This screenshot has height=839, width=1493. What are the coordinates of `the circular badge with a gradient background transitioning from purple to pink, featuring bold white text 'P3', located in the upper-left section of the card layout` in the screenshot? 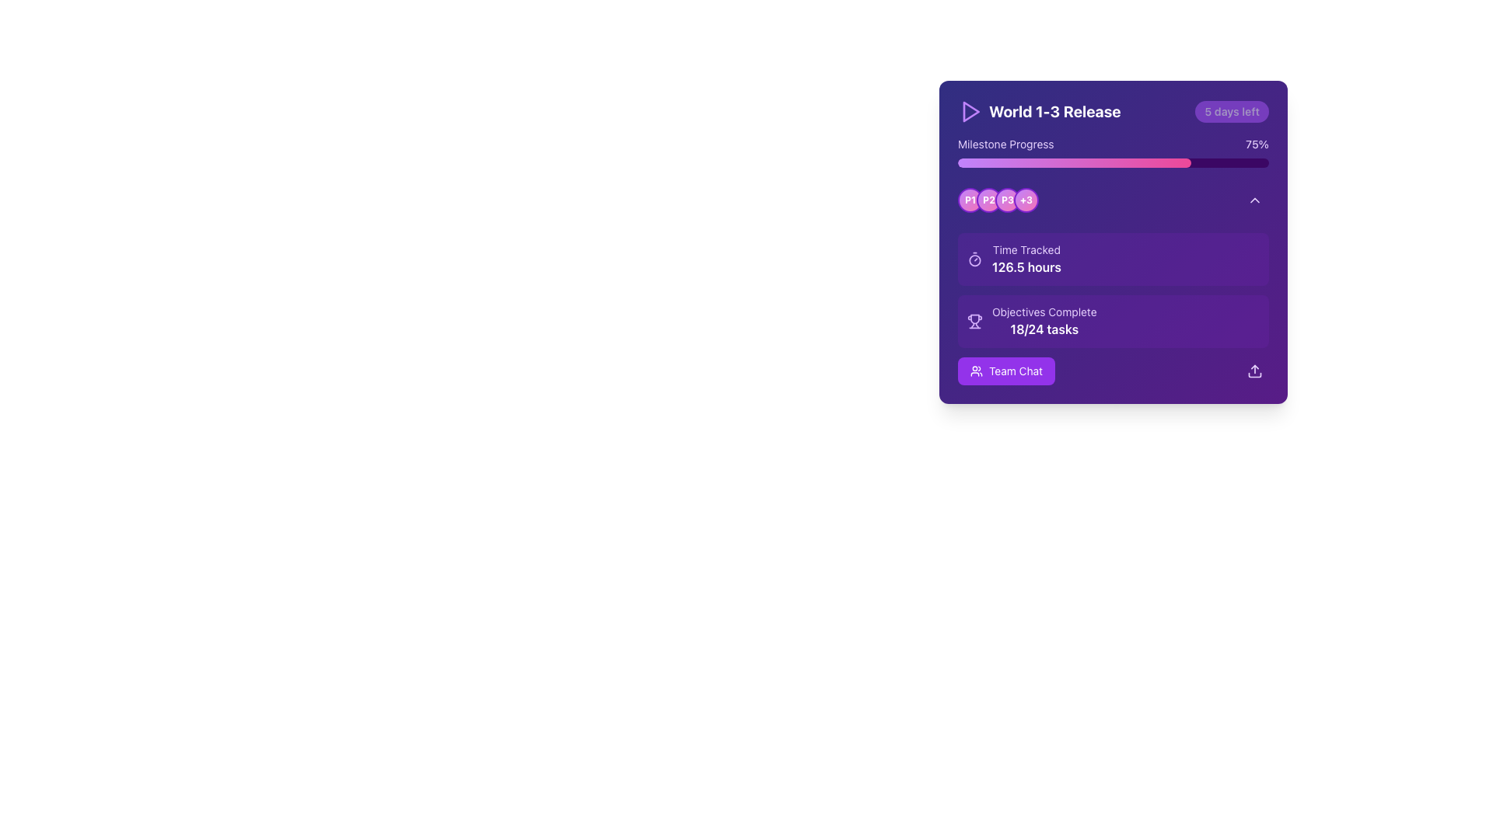 It's located at (1008, 200).